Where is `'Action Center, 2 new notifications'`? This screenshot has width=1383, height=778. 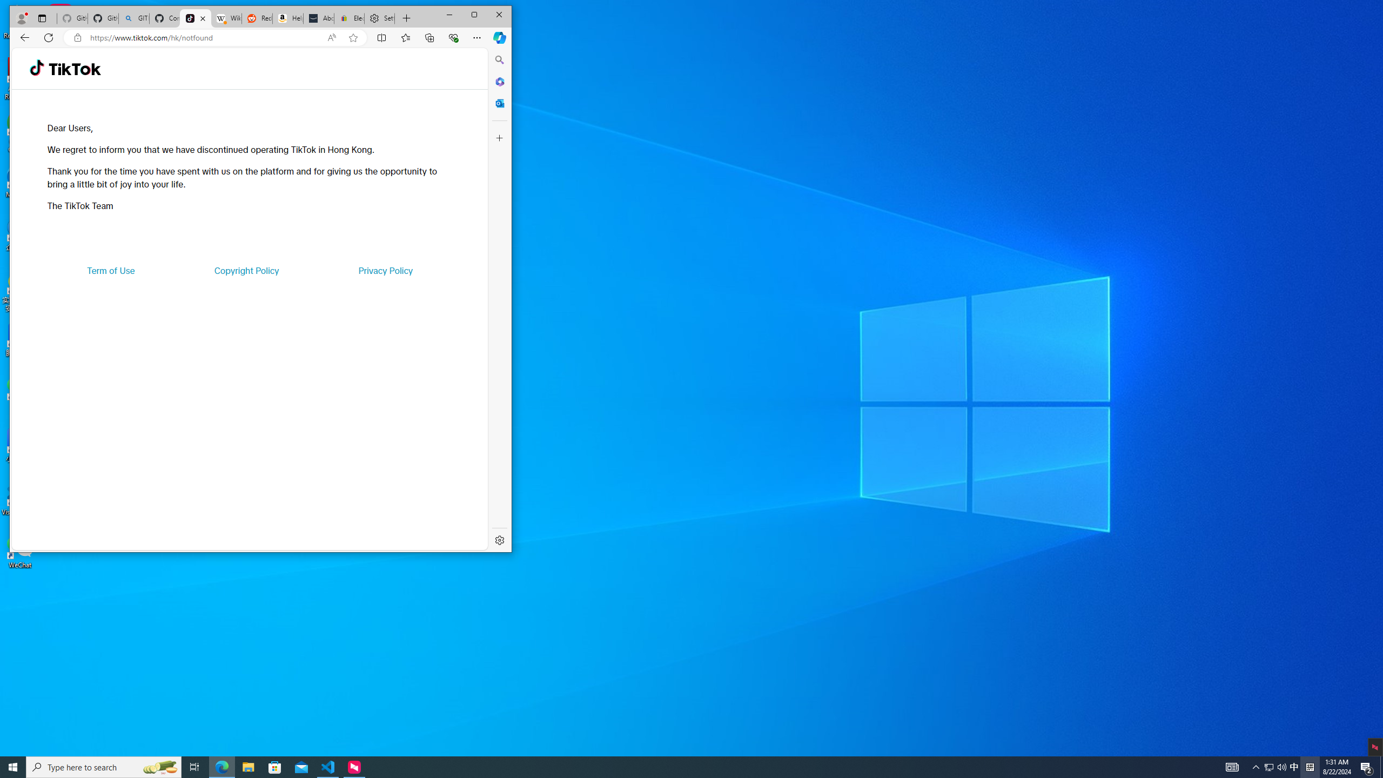
'Action Center, 2 new notifications' is located at coordinates (1367, 766).